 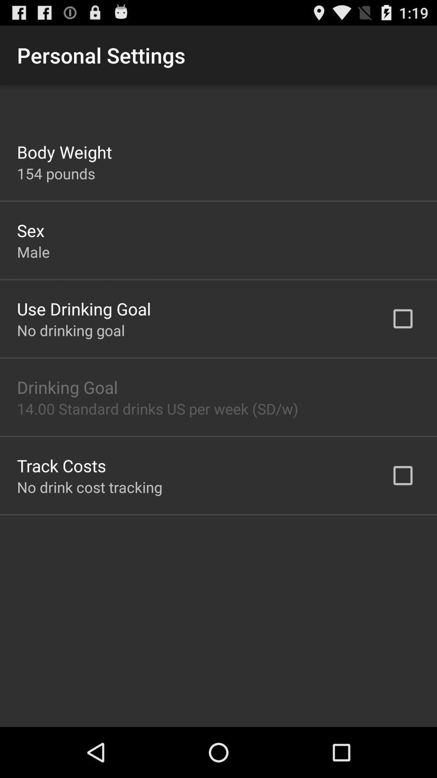 What do you see at coordinates (55, 173) in the screenshot?
I see `154 pounds app` at bounding box center [55, 173].